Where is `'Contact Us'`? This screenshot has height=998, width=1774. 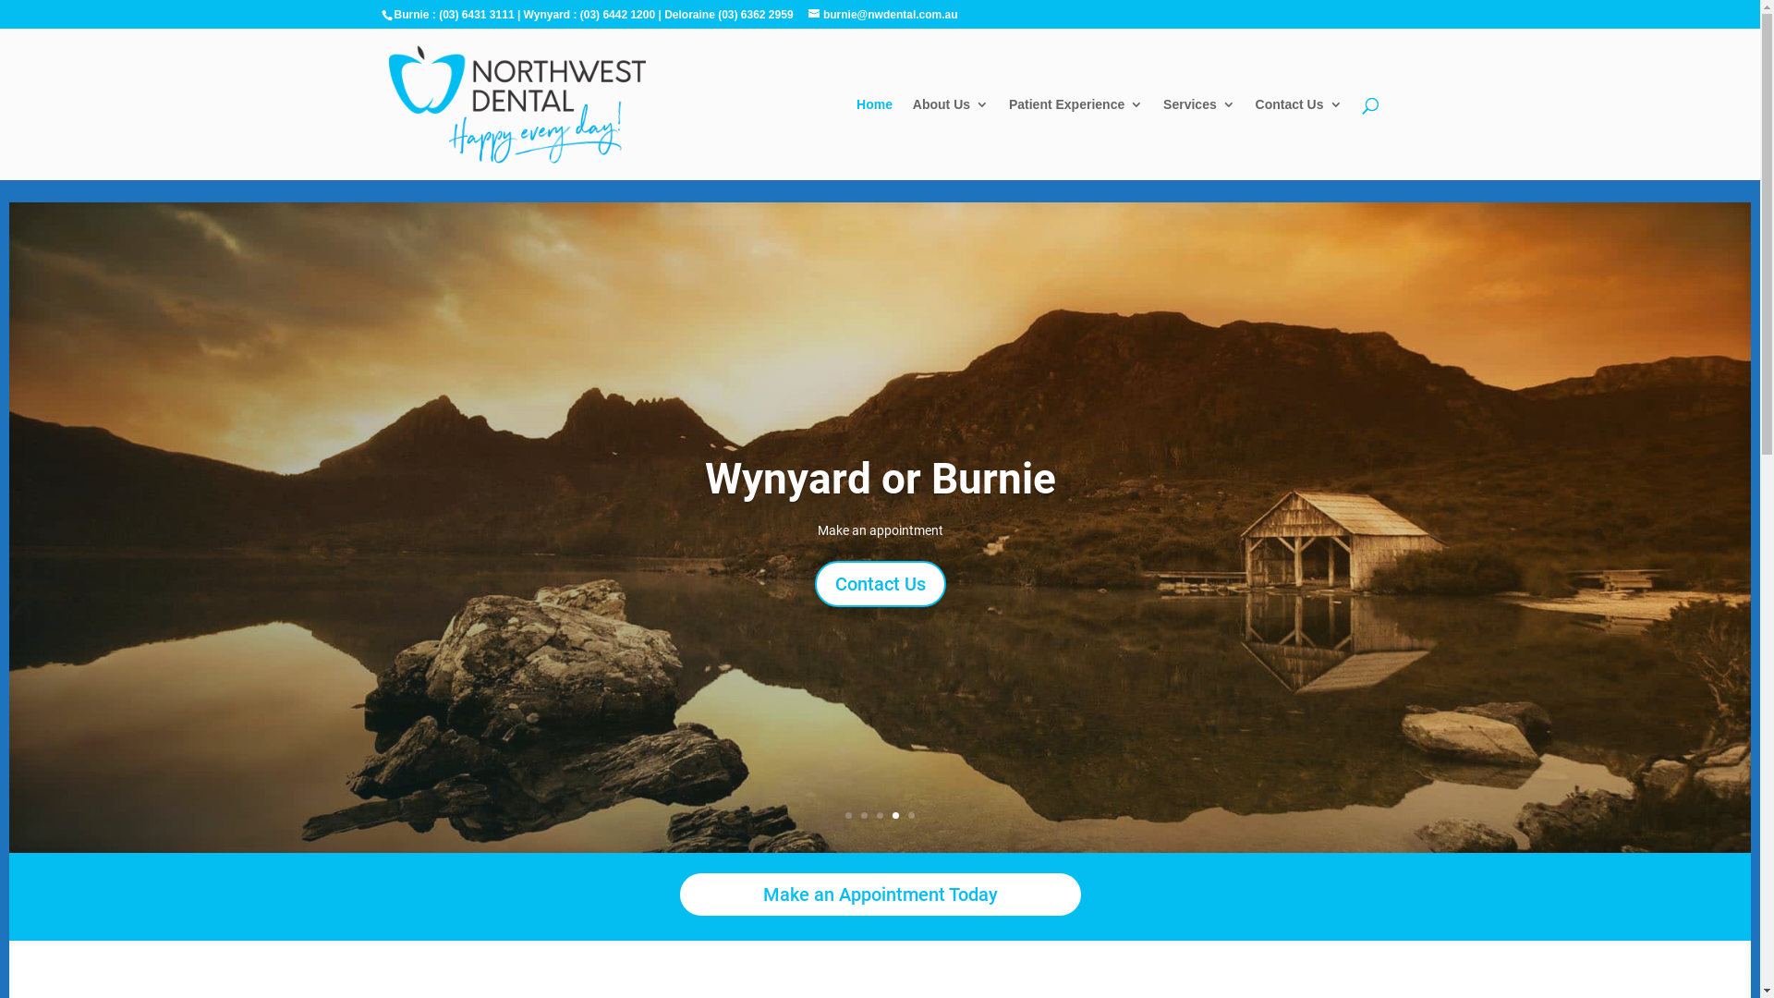
'Contact Us' is located at coordinates (880, 584).